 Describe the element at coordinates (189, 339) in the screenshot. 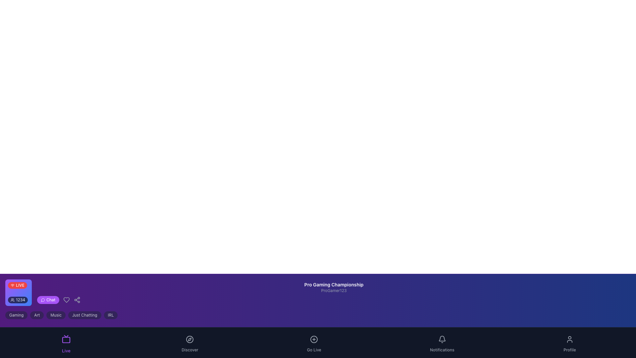

I see `the compass icon button located in the navigation bar at the bottom of the interface` at that location.